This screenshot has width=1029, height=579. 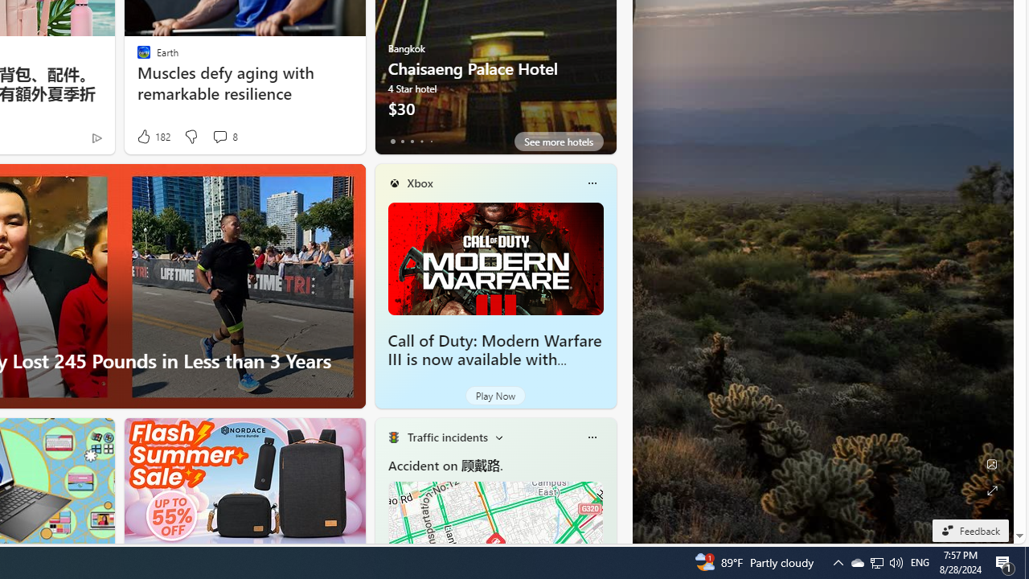 I want to click on 'tab-4', so click(x=431, y=141).